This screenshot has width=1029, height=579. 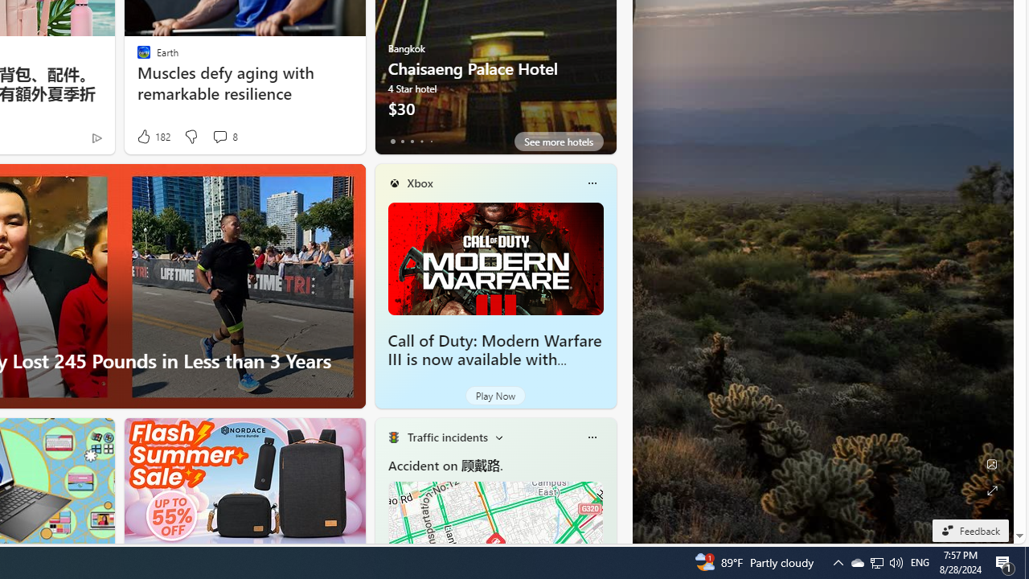 I want to click on 'tab-4', so click(x=431, y=141).